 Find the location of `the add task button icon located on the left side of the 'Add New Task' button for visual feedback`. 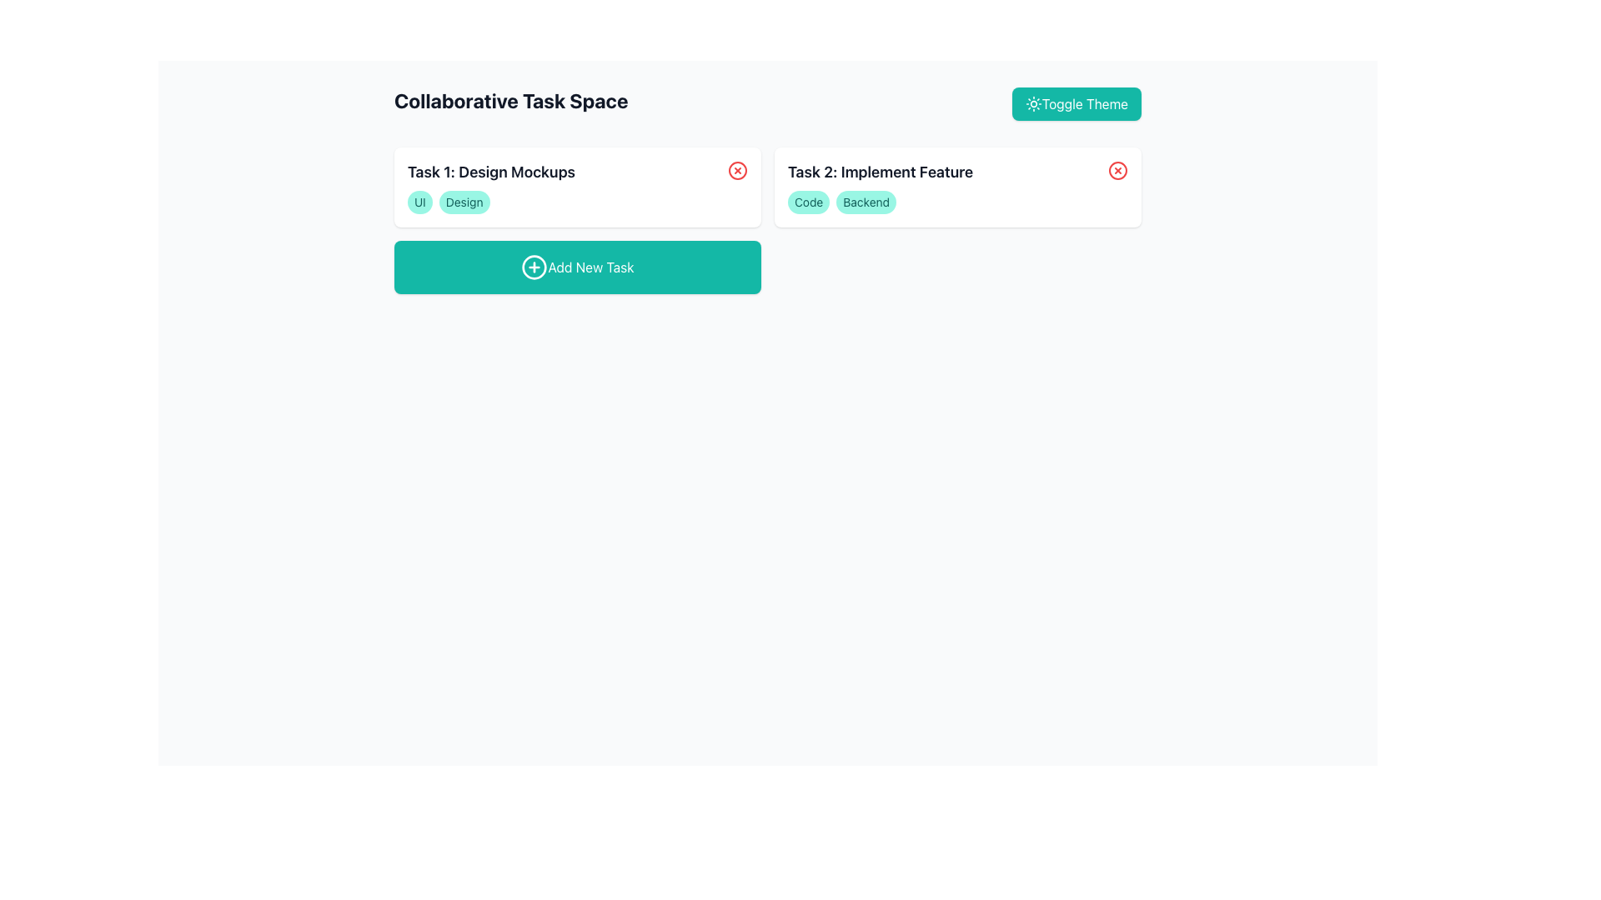

the add task button icon located on the left side of the 'Add New Task' button for visual feedback is located at coordinates (535, 266).